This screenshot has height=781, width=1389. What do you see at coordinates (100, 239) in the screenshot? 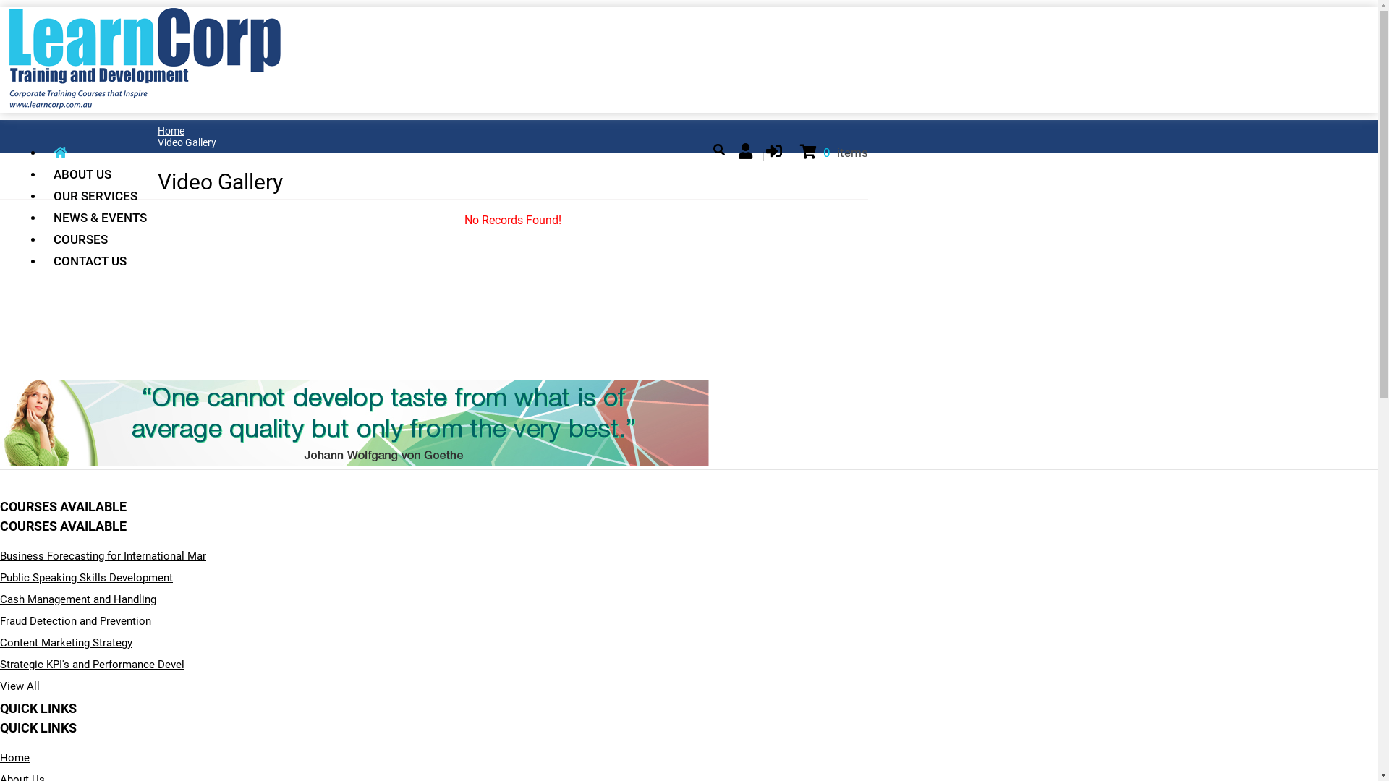
I see `'COURSES'` at bounding box center [100, 239].